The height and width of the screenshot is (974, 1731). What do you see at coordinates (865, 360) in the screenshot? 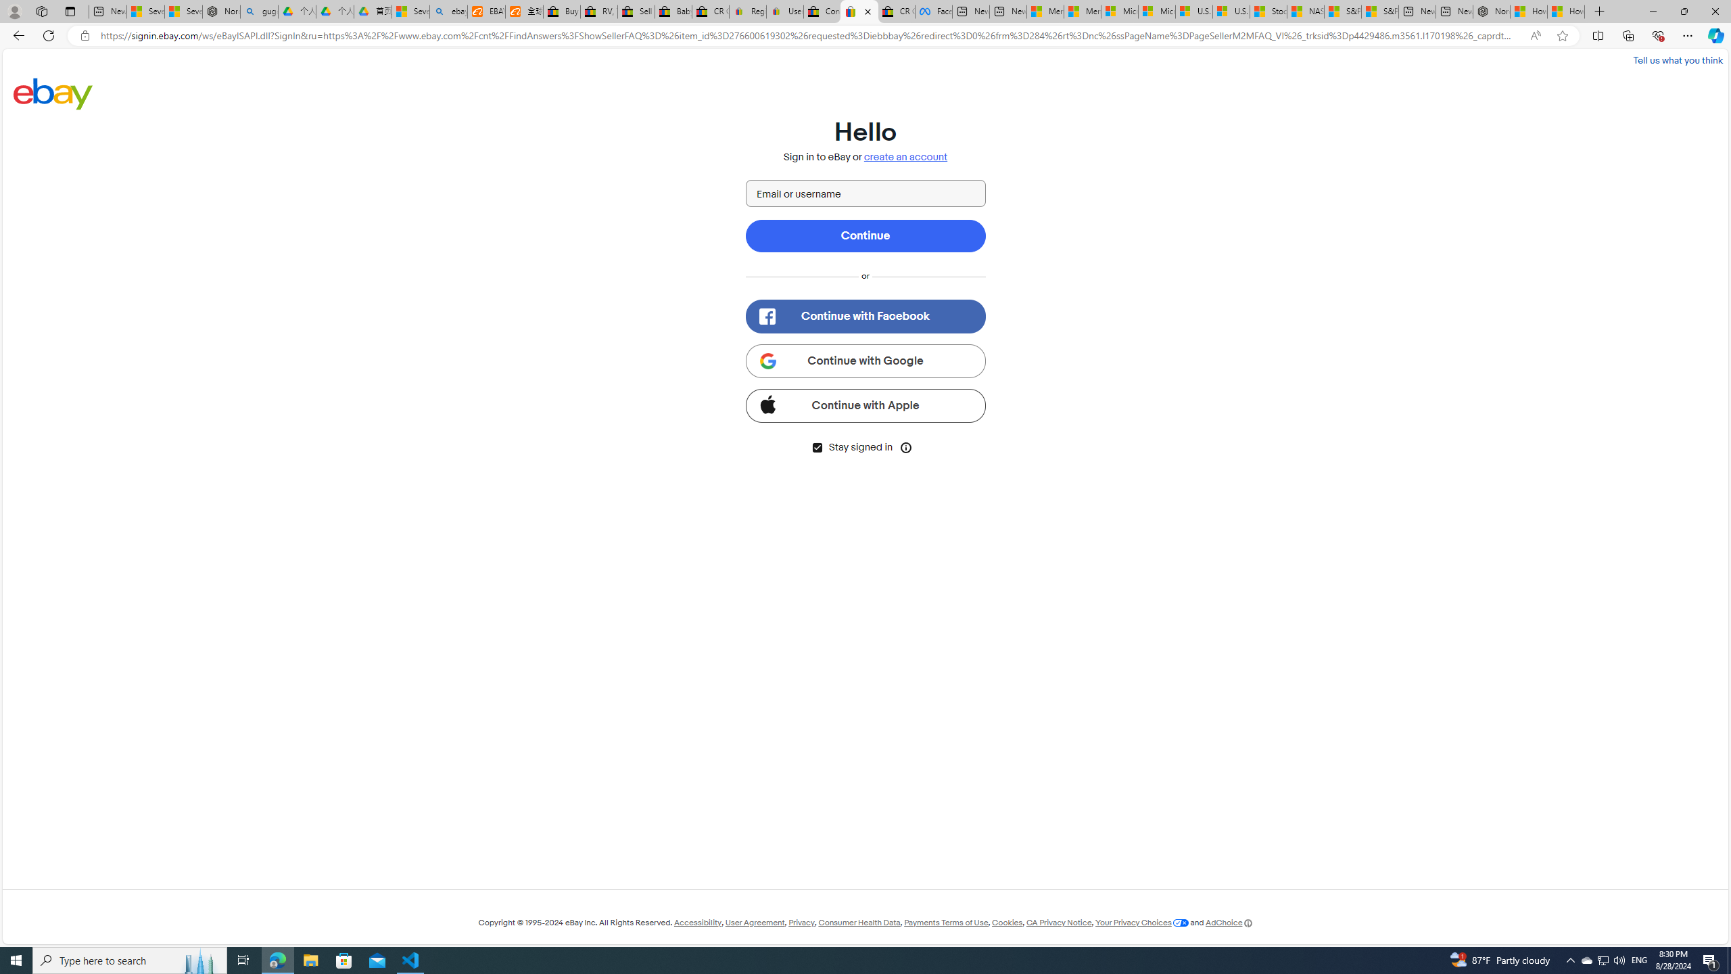
I see `'Continue with Google'` at bounding box center [865, 360].